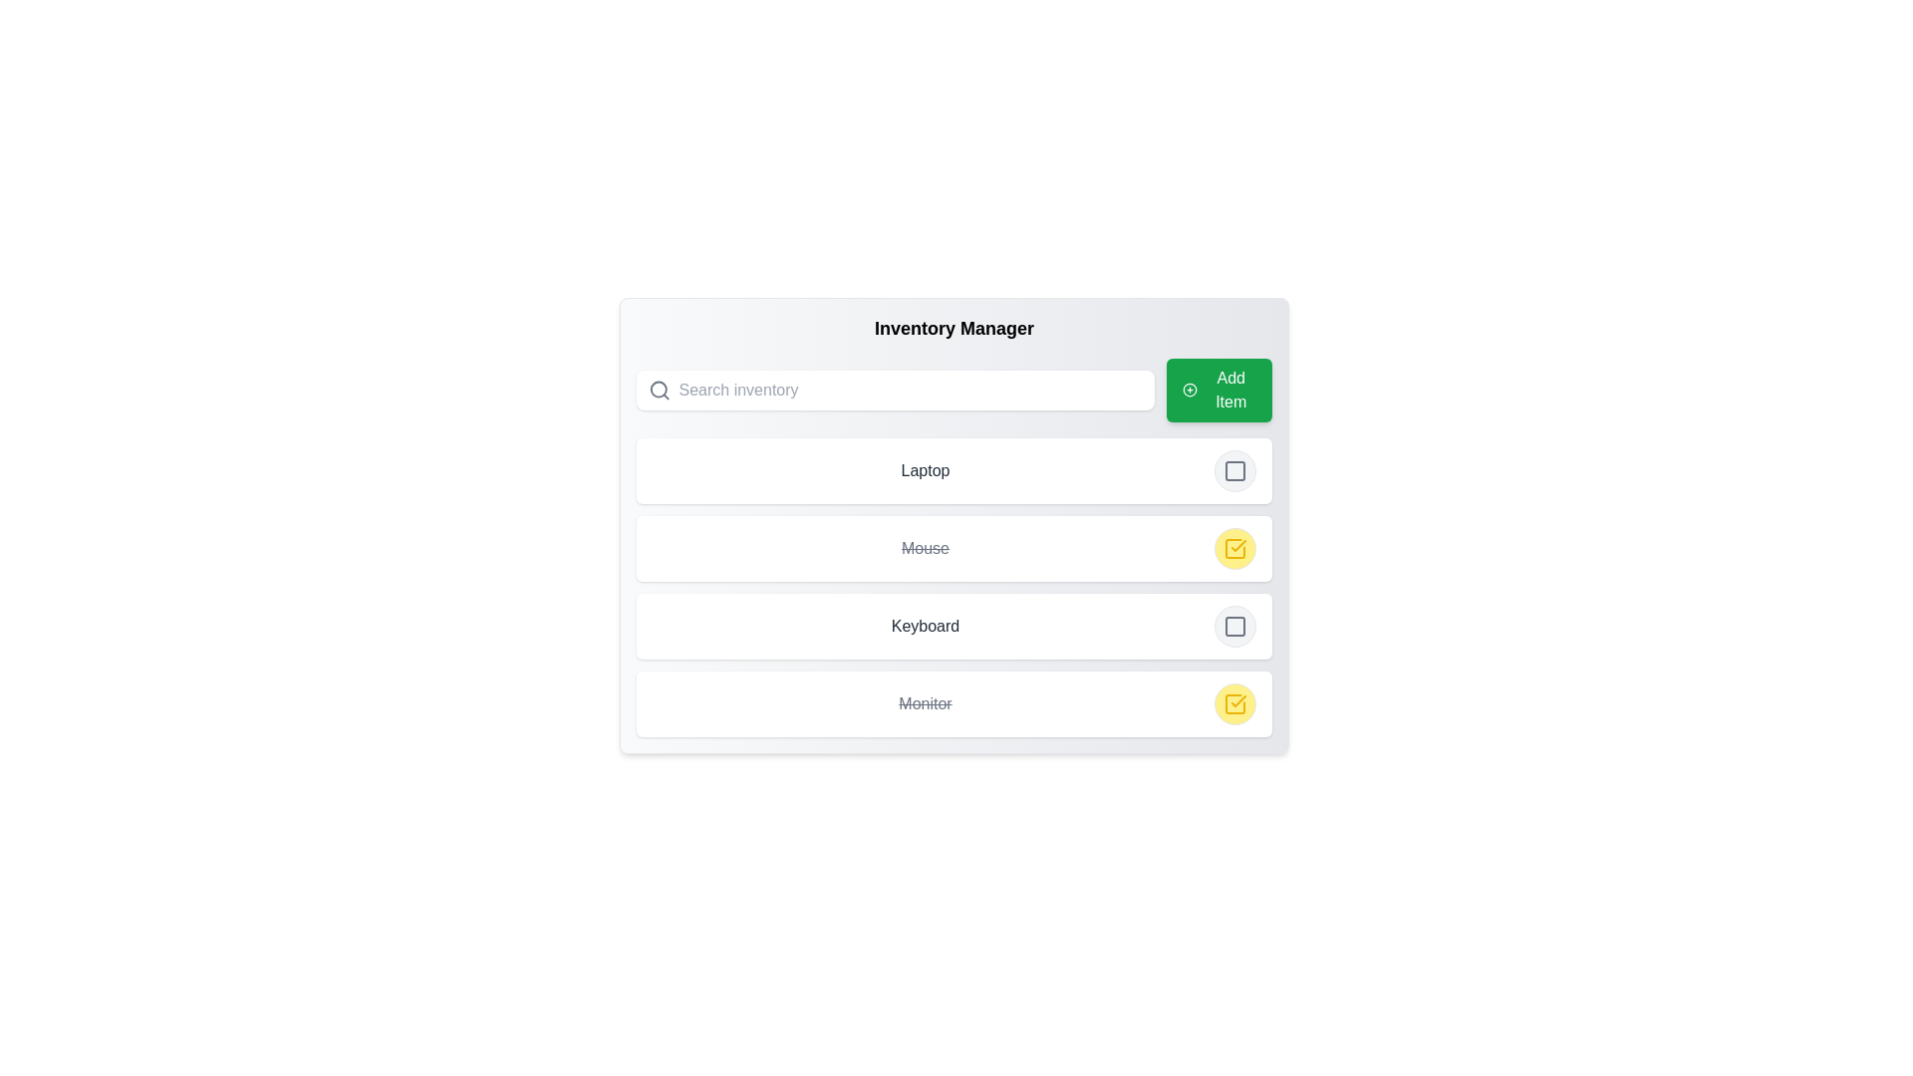 The width and height of the screenshot is (1913, 1076). Describe the element at coordinates (925, 549) in the screenshot. I see `the strikethrough text element displaying the item name 'Mouse', which is positioned second from the top in a vertical list` at that location.